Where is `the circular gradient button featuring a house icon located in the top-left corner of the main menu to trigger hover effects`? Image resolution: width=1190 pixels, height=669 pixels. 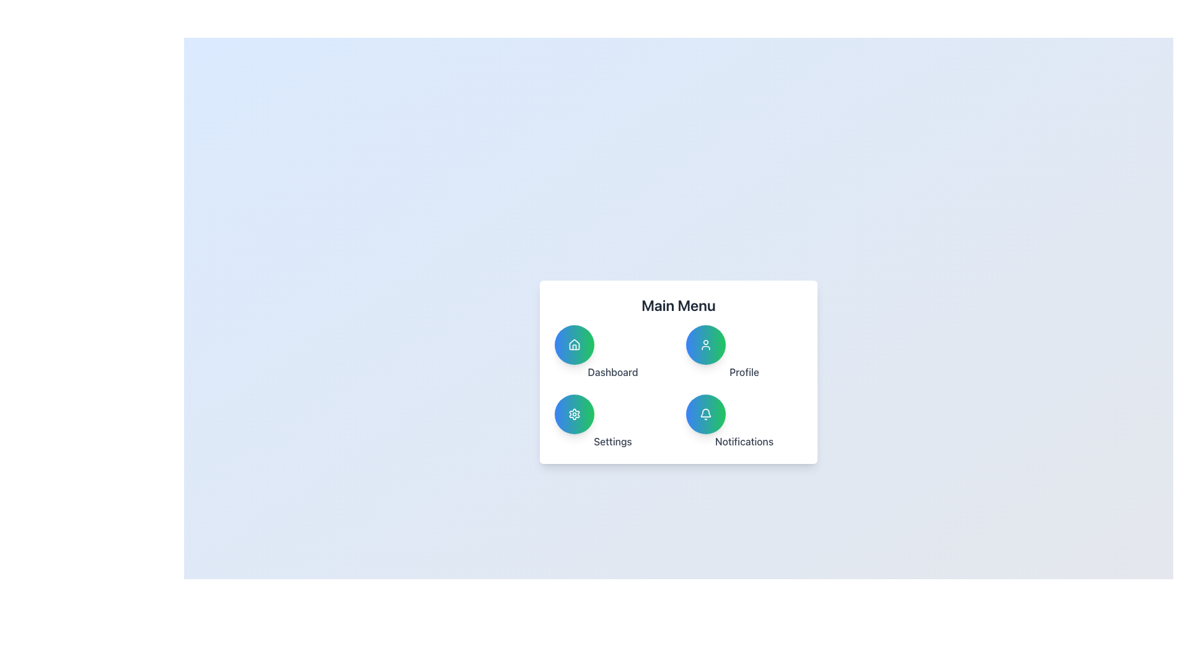 the circular gradient button featuring a house icon located in the top-left corner of the main menu to trigger hover effects is located at coordinates (573, 344).